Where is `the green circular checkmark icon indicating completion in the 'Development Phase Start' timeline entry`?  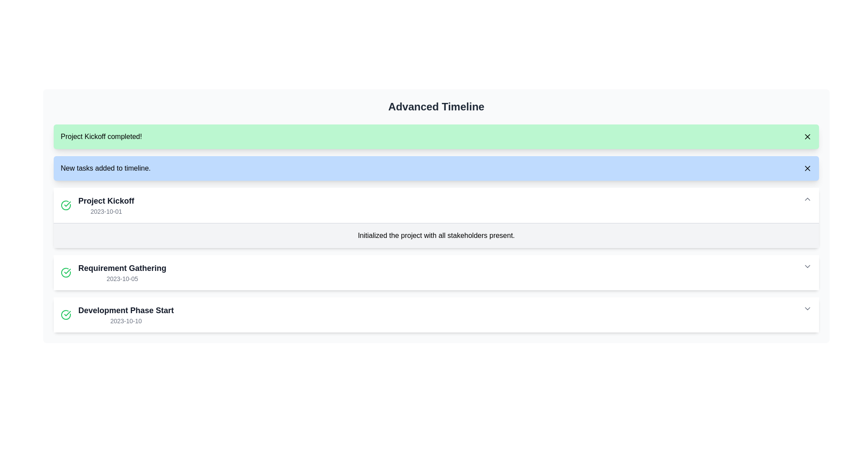 the green circular checkmark icon indicating completion in the 'Development Phase Start' timeline entry is located at coordinates (65, 314).